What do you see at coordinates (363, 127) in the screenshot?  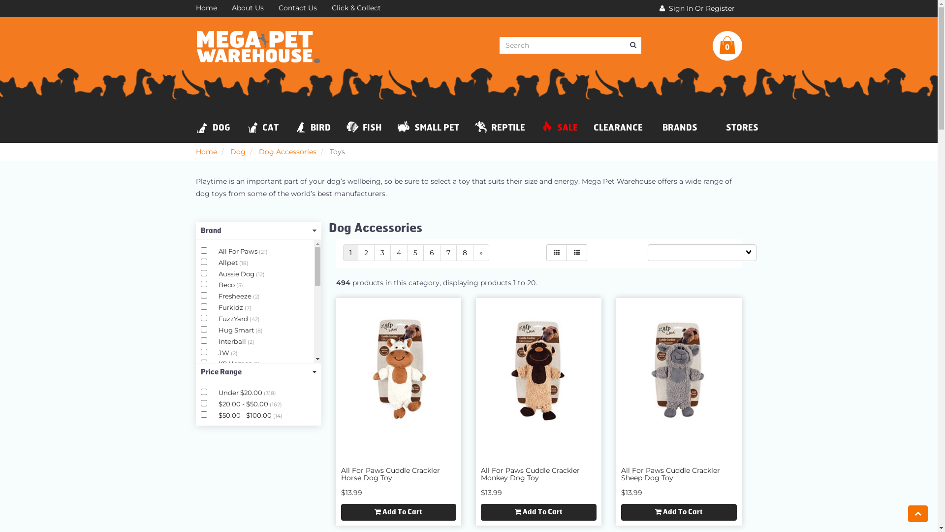 I see `'FISH'` at bounding box center [363, 127].